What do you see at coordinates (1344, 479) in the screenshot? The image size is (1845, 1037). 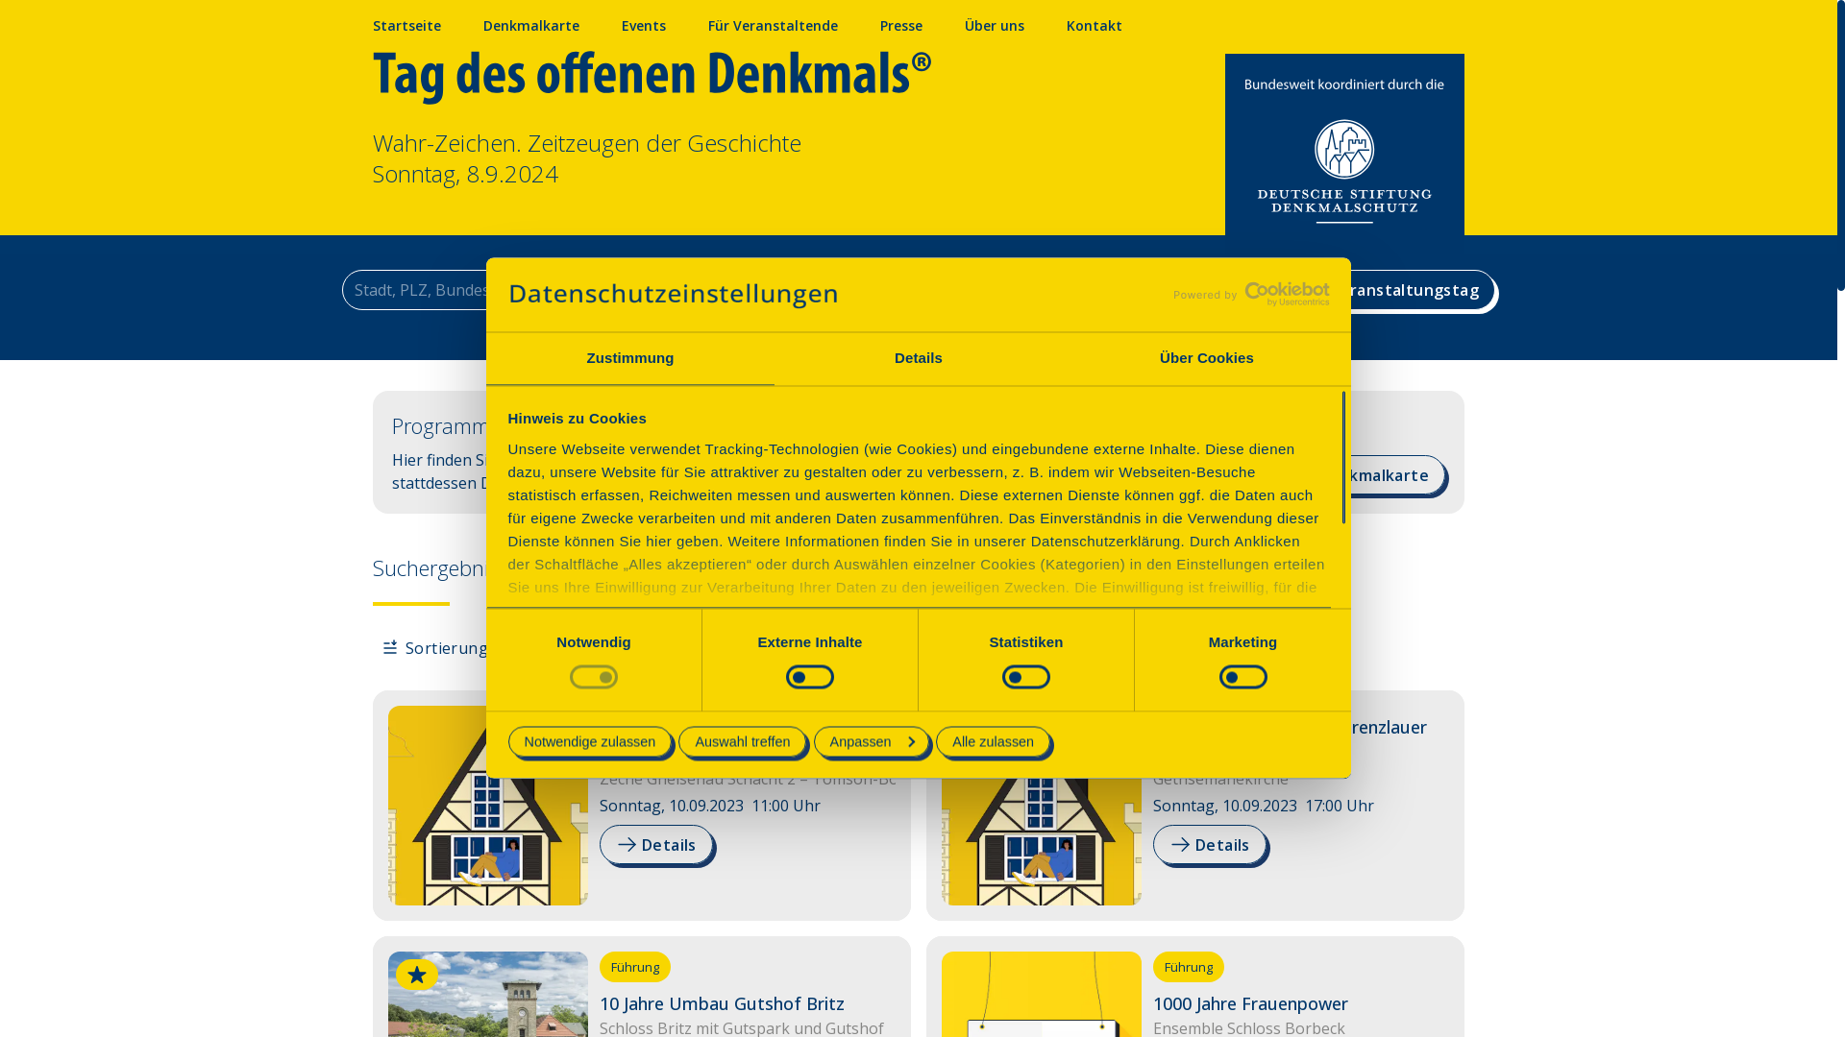 I see `'Zur Denkmalkarte'` at bounding box center [1344, 479].